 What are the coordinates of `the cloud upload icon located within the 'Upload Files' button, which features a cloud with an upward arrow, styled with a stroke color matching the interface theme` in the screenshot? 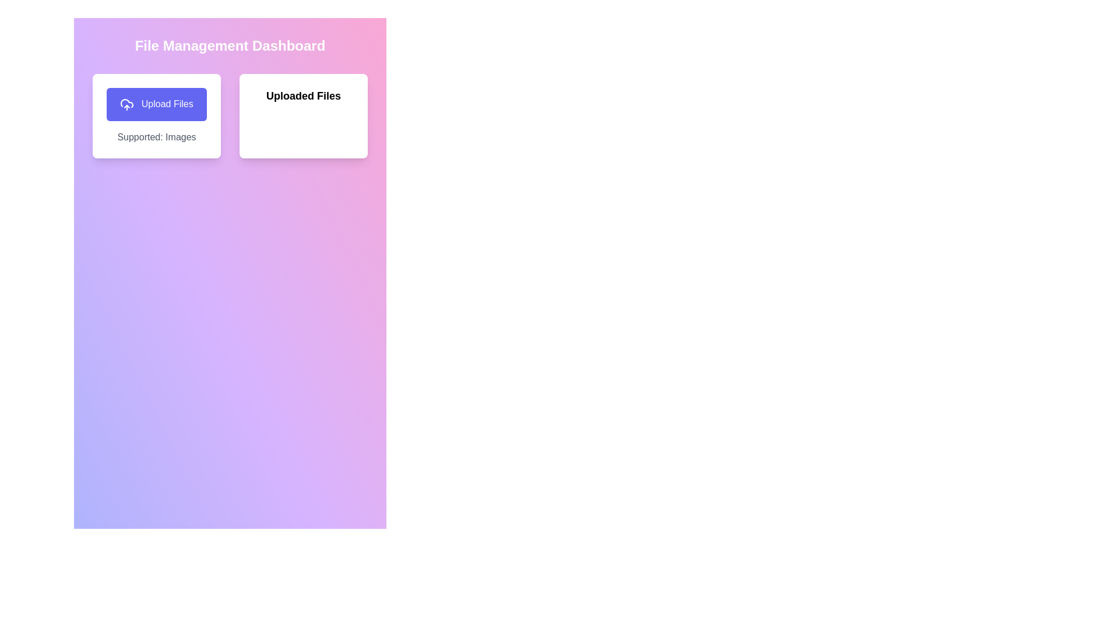 It's located at (127, 104).